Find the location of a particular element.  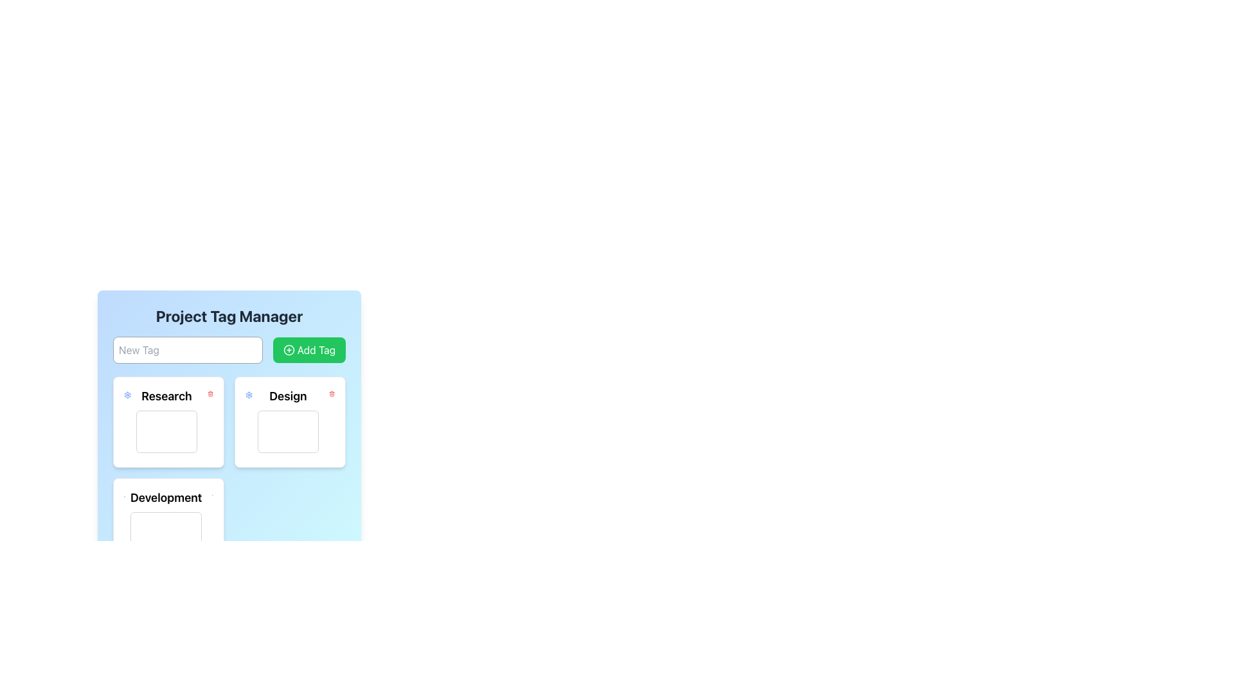

the Text Label that serves as a heading or title for a section, located centrally in the lower section of the interface, below the 'Research' and 'Design' sections is located at coordinates (165, 497).